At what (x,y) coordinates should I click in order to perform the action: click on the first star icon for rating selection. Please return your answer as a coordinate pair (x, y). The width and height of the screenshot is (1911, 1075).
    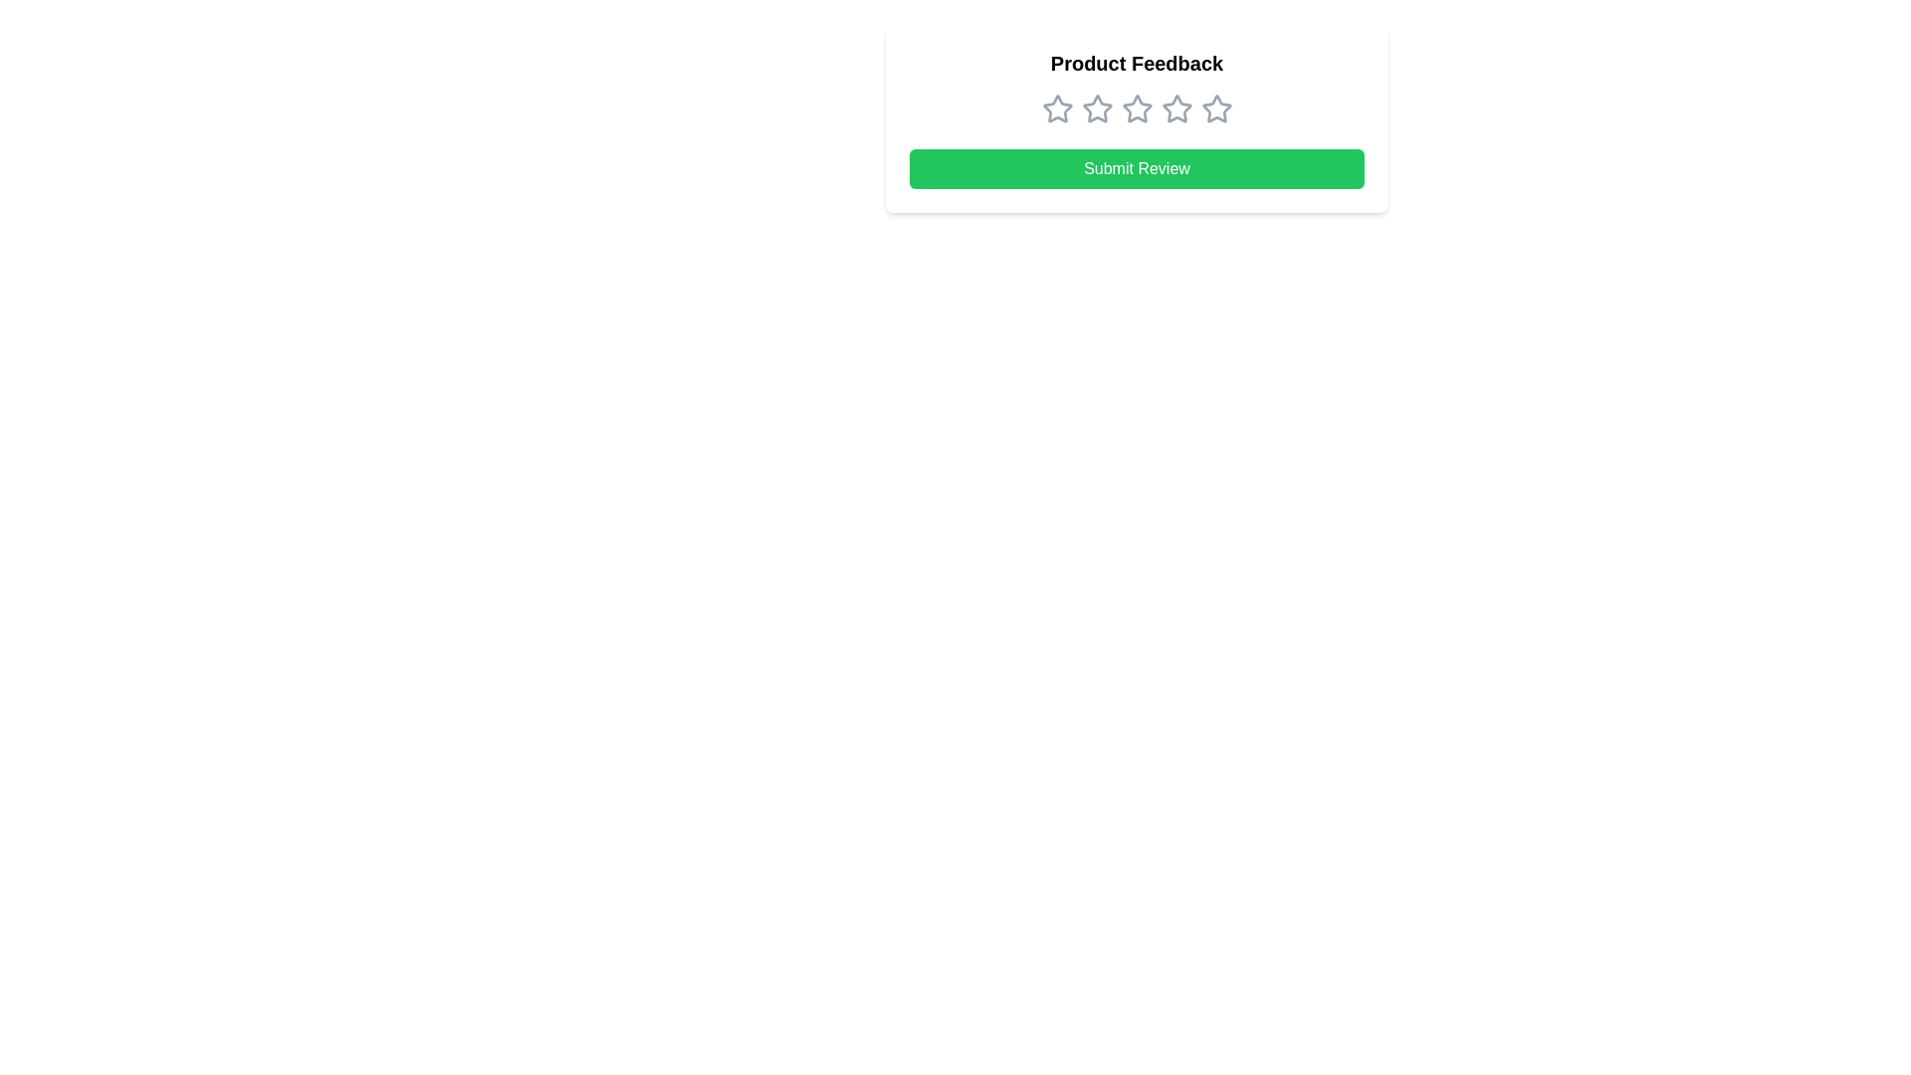
    Looking at the image, I should click on (1056, 108).